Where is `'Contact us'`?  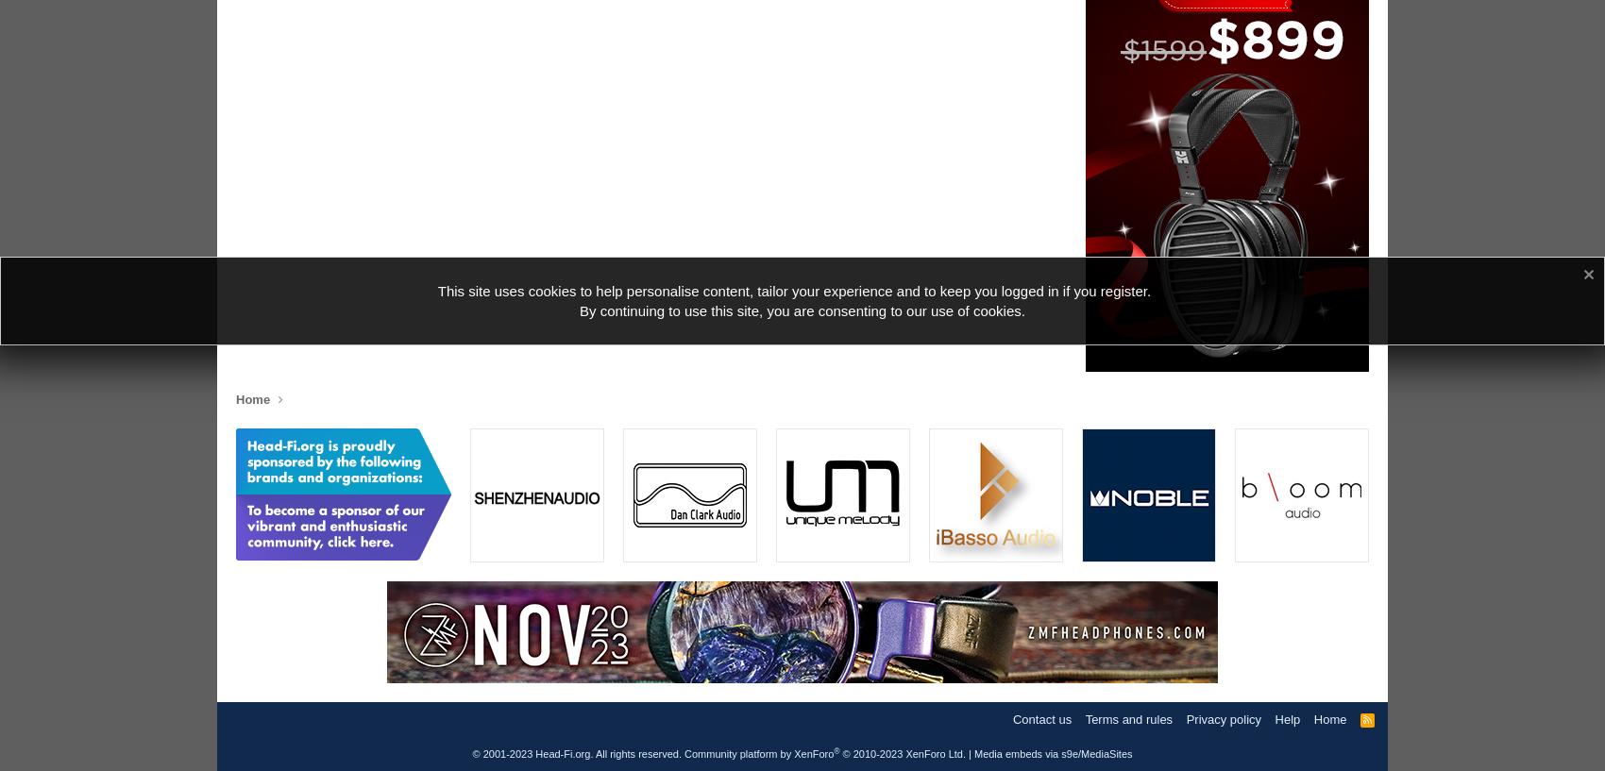
'Contact us' is located at coordinates (1041, 718).